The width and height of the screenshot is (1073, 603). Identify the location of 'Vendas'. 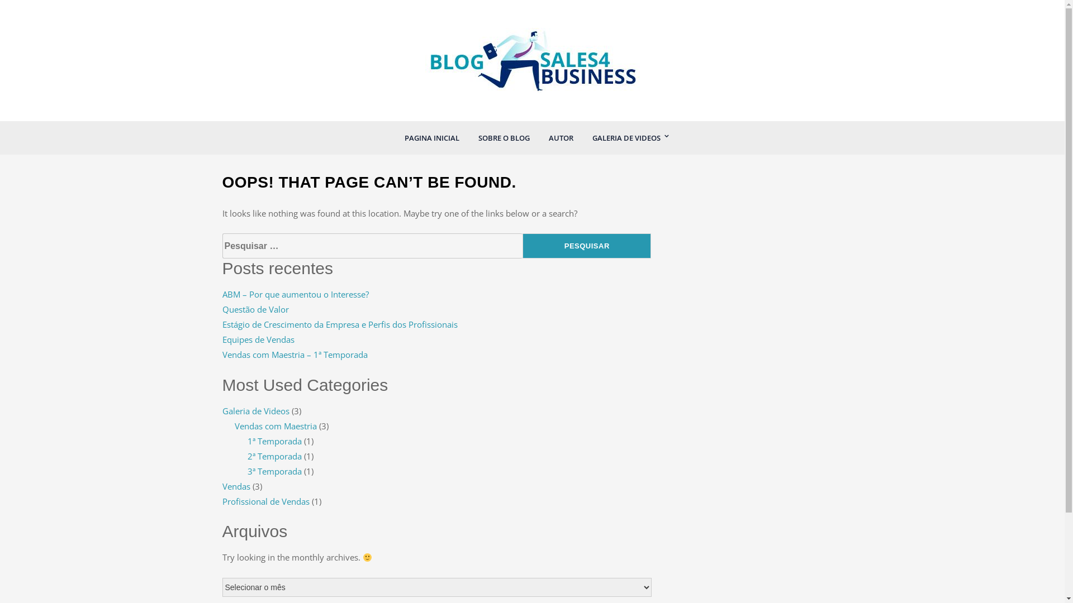
(235, 486).